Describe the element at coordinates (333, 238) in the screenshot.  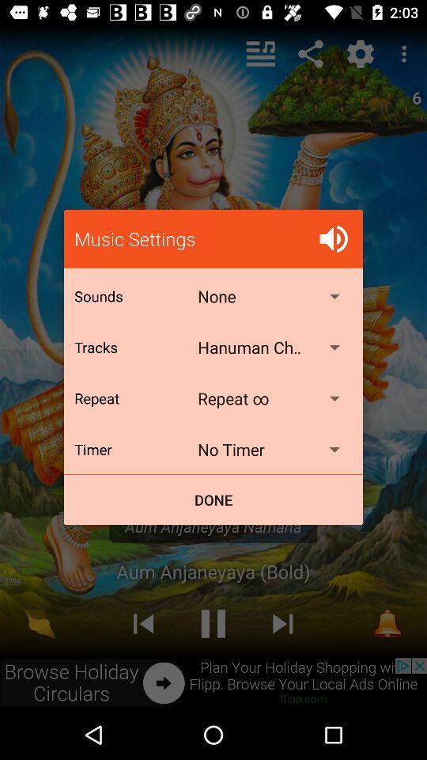
I see `the icon to the right of music settings item` at that location.